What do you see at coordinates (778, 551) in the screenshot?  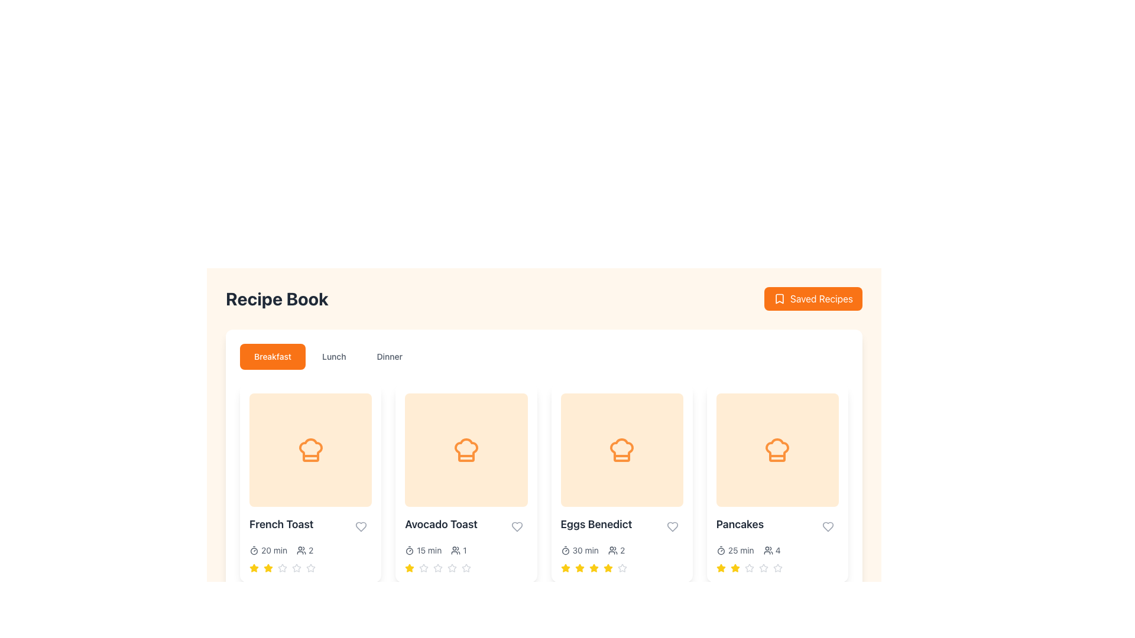 I see `the static text or icon indicating the count of servings for the Pancakes recipe, located at the bottom-right corner of the Pancakes card in the Recipe Book interface` at bounding box center [778, 551].